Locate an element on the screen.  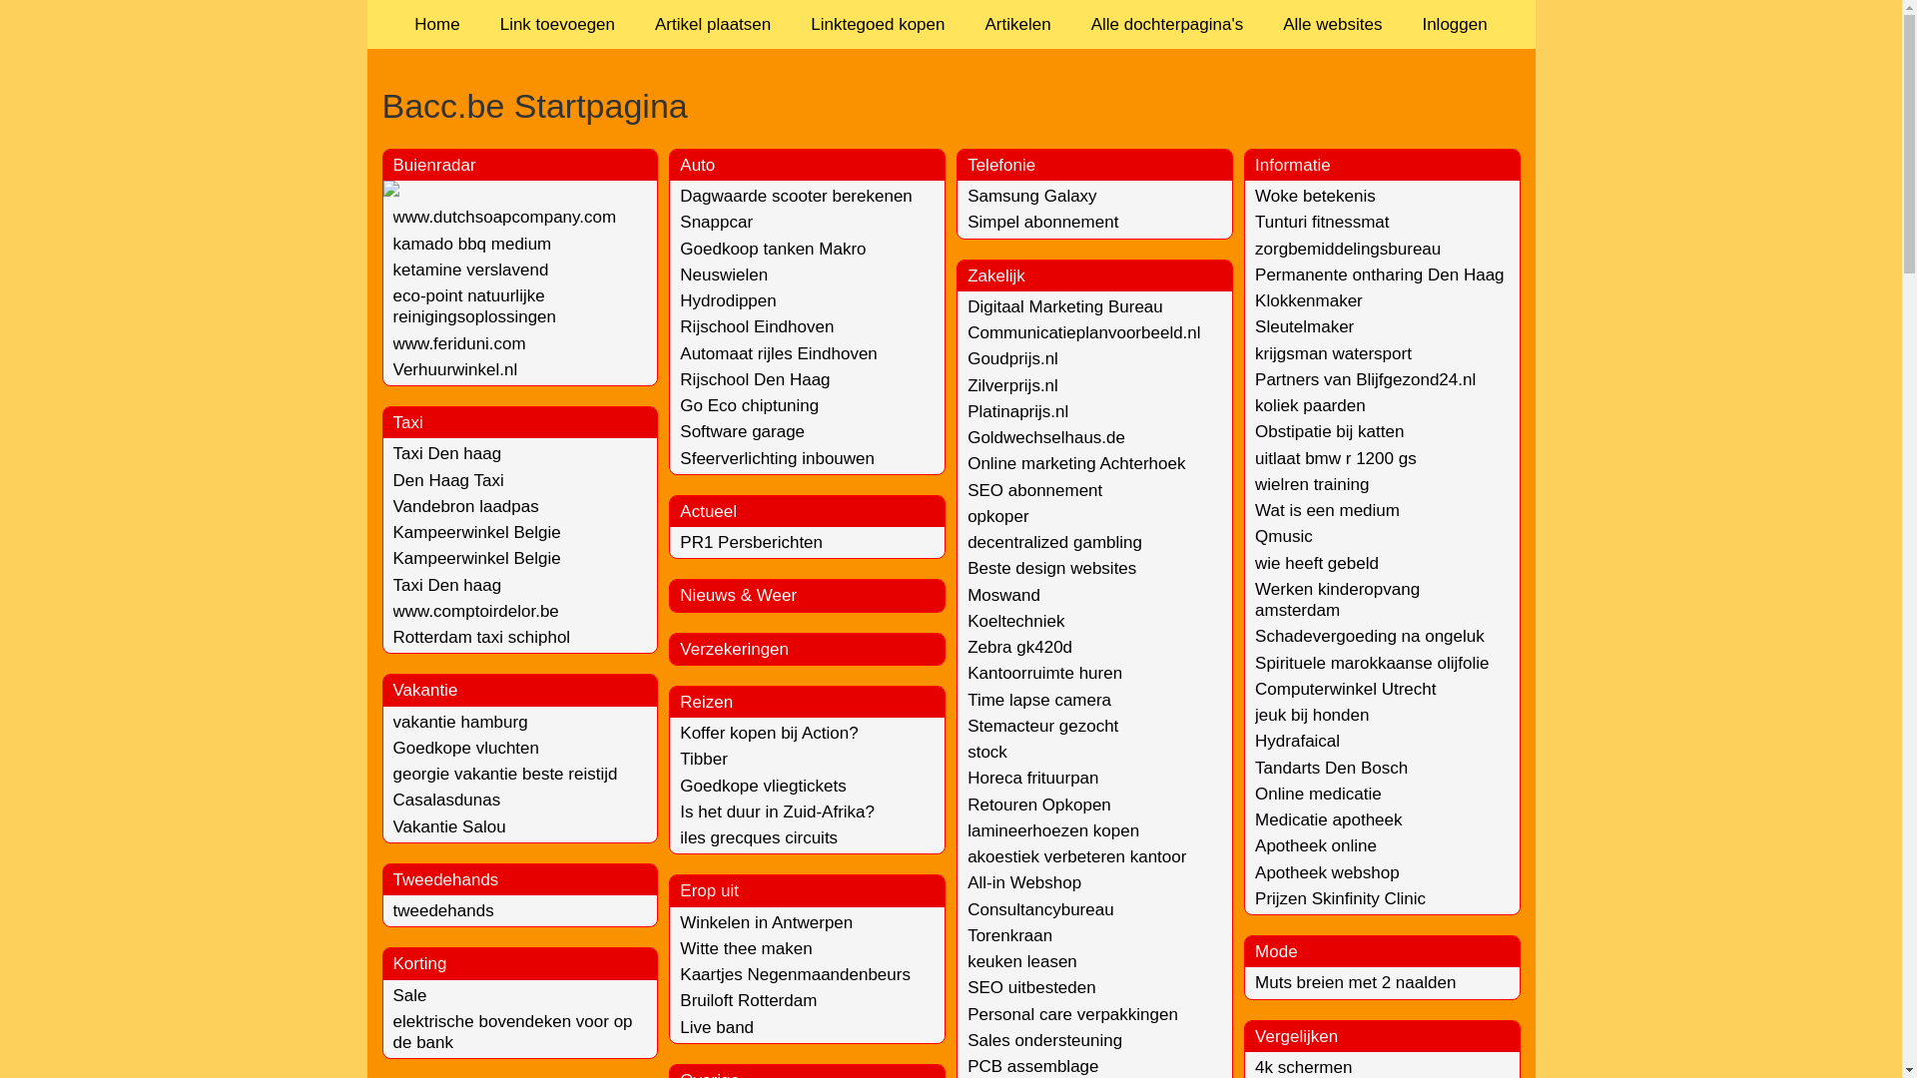
'Live band' is located at coordinates (717, 1027).